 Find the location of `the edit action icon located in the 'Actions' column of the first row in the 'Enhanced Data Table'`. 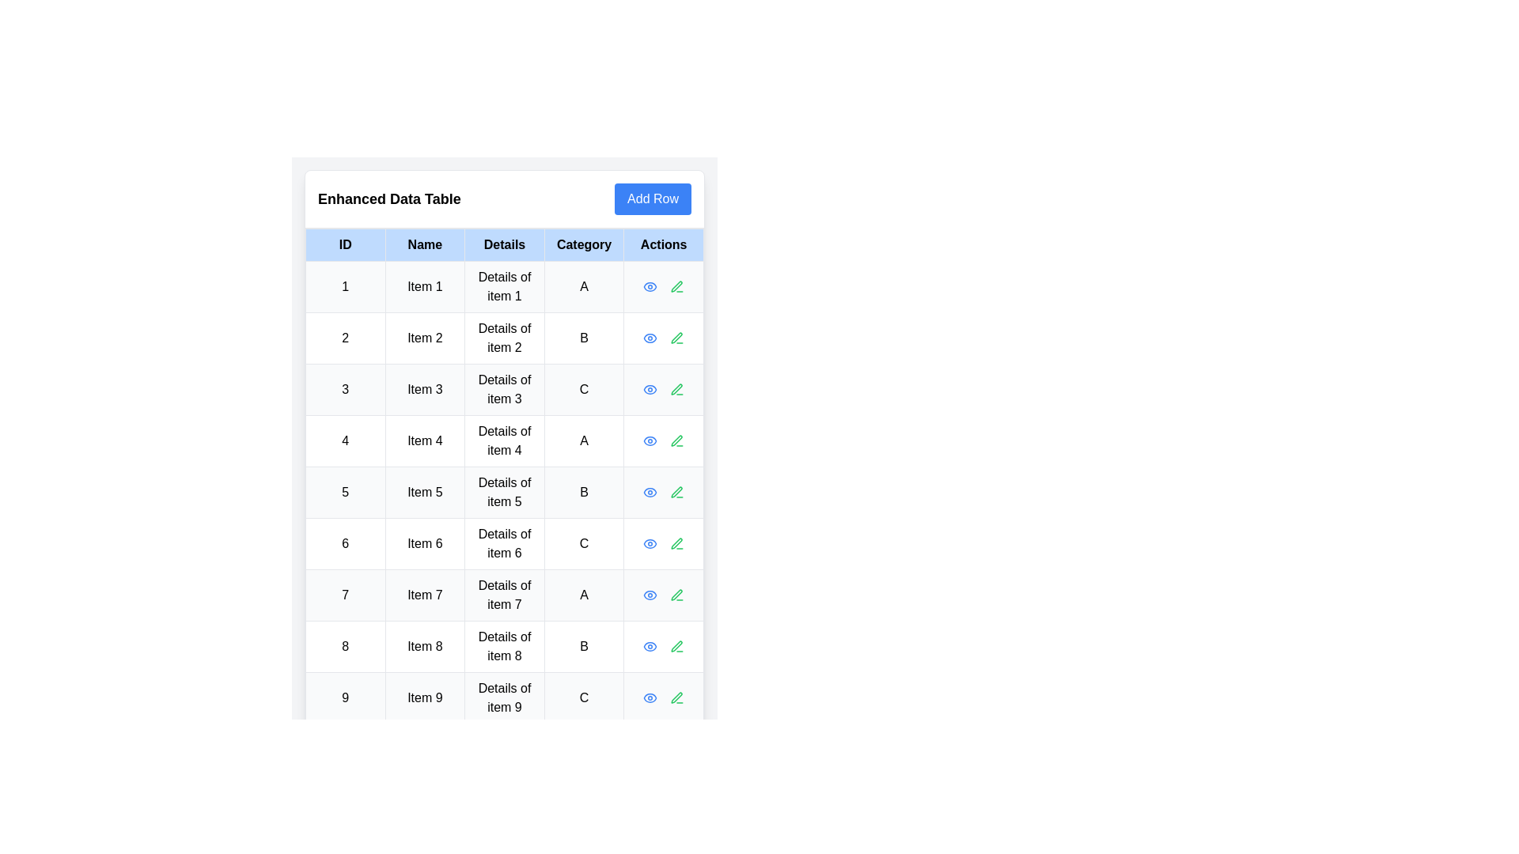

the edit action icon located in the 'Actions' column of the first row in the 'Enhanced Data Table' is located at coordinates (677, 286).